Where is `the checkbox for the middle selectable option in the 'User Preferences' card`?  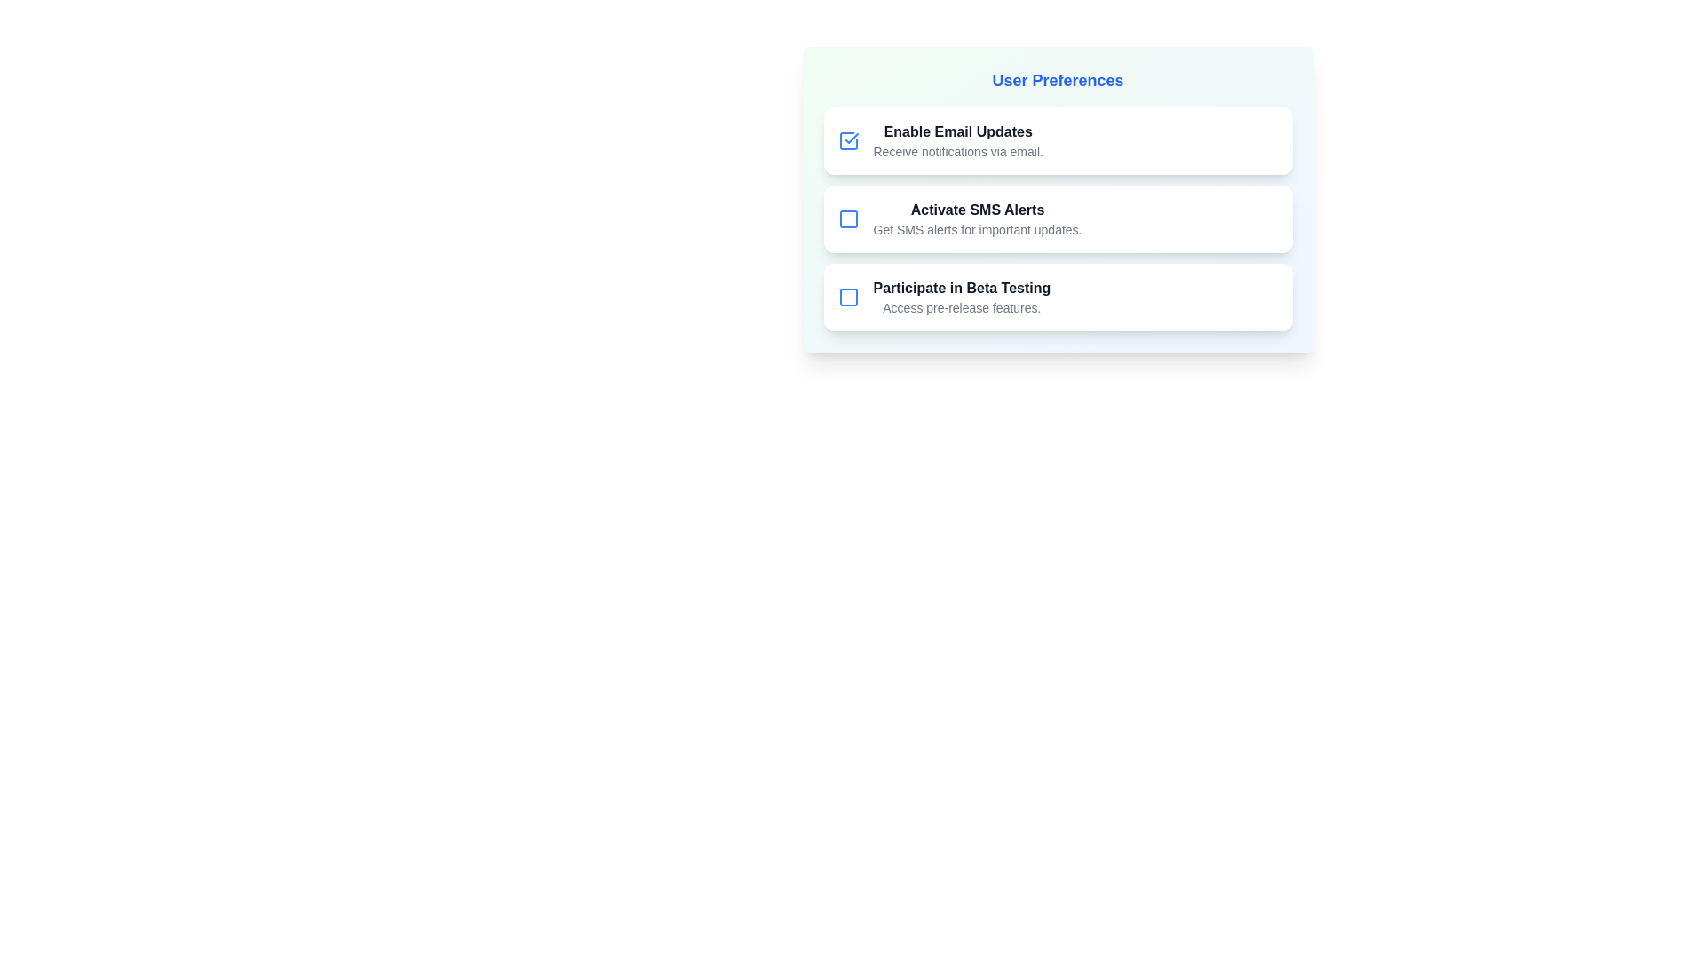 the checkbox for the middle selectable option in the 'User Preferences' card is located at coordinates (1058, 218).